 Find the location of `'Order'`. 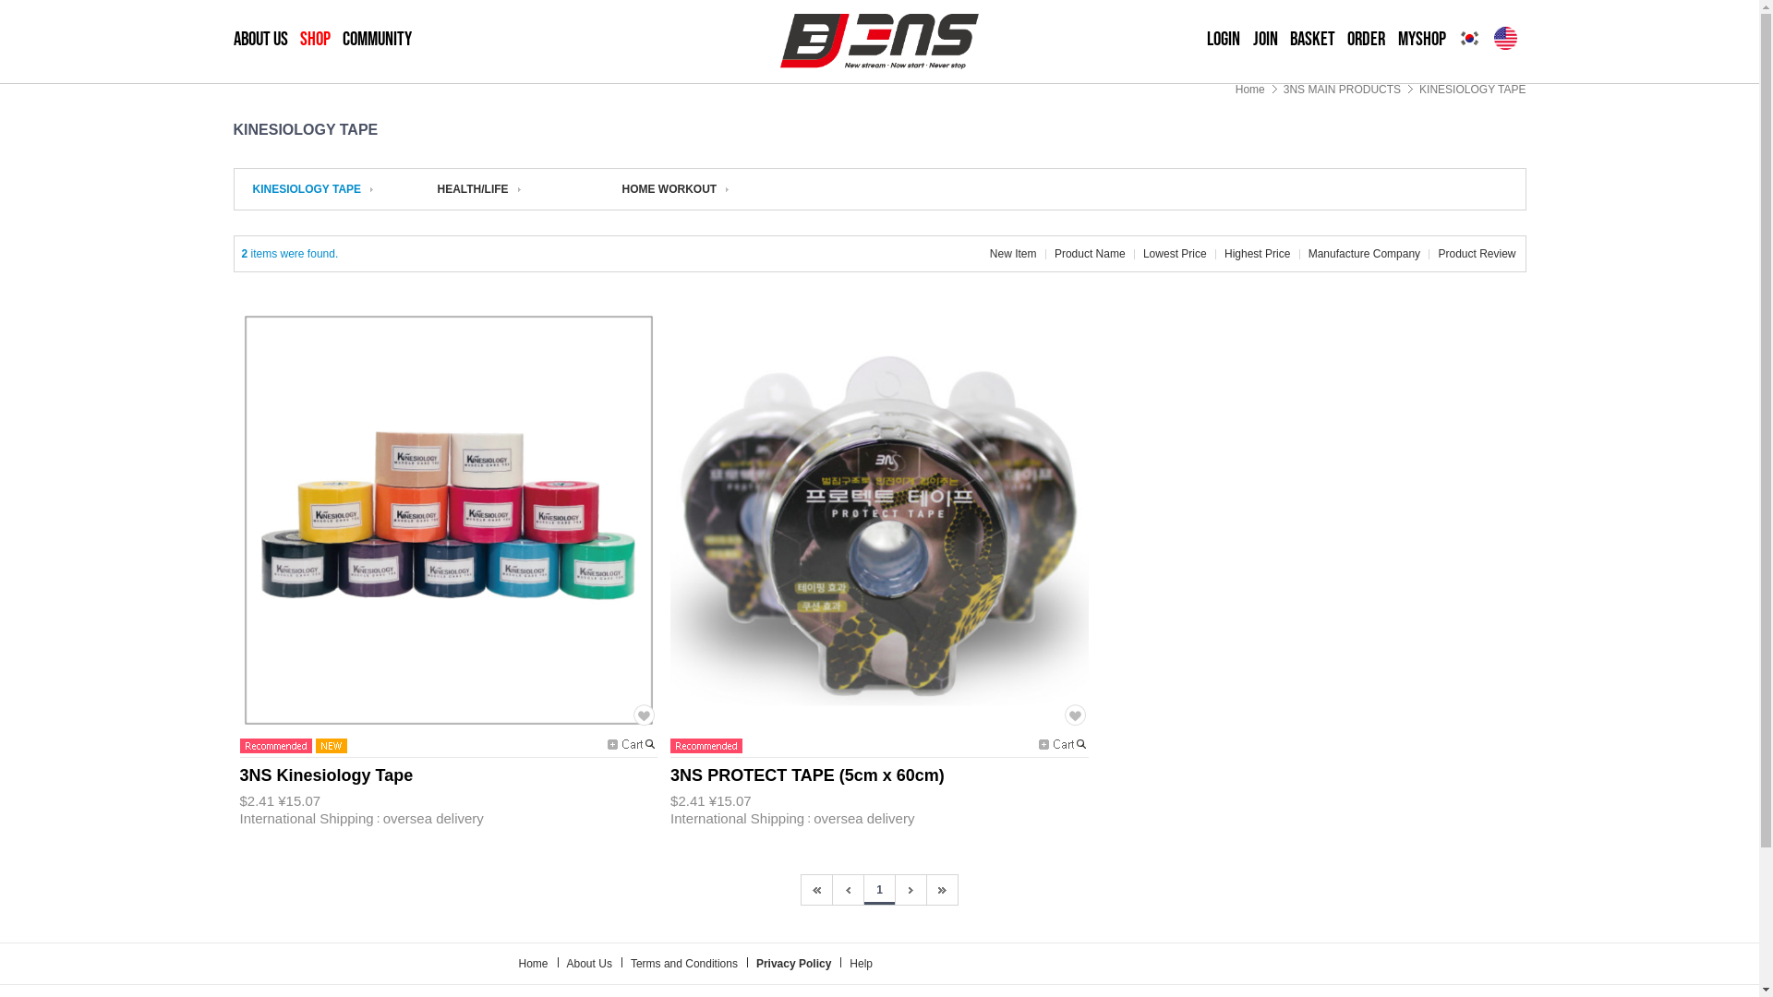

'Order' is located at coordinates (1347, 39).